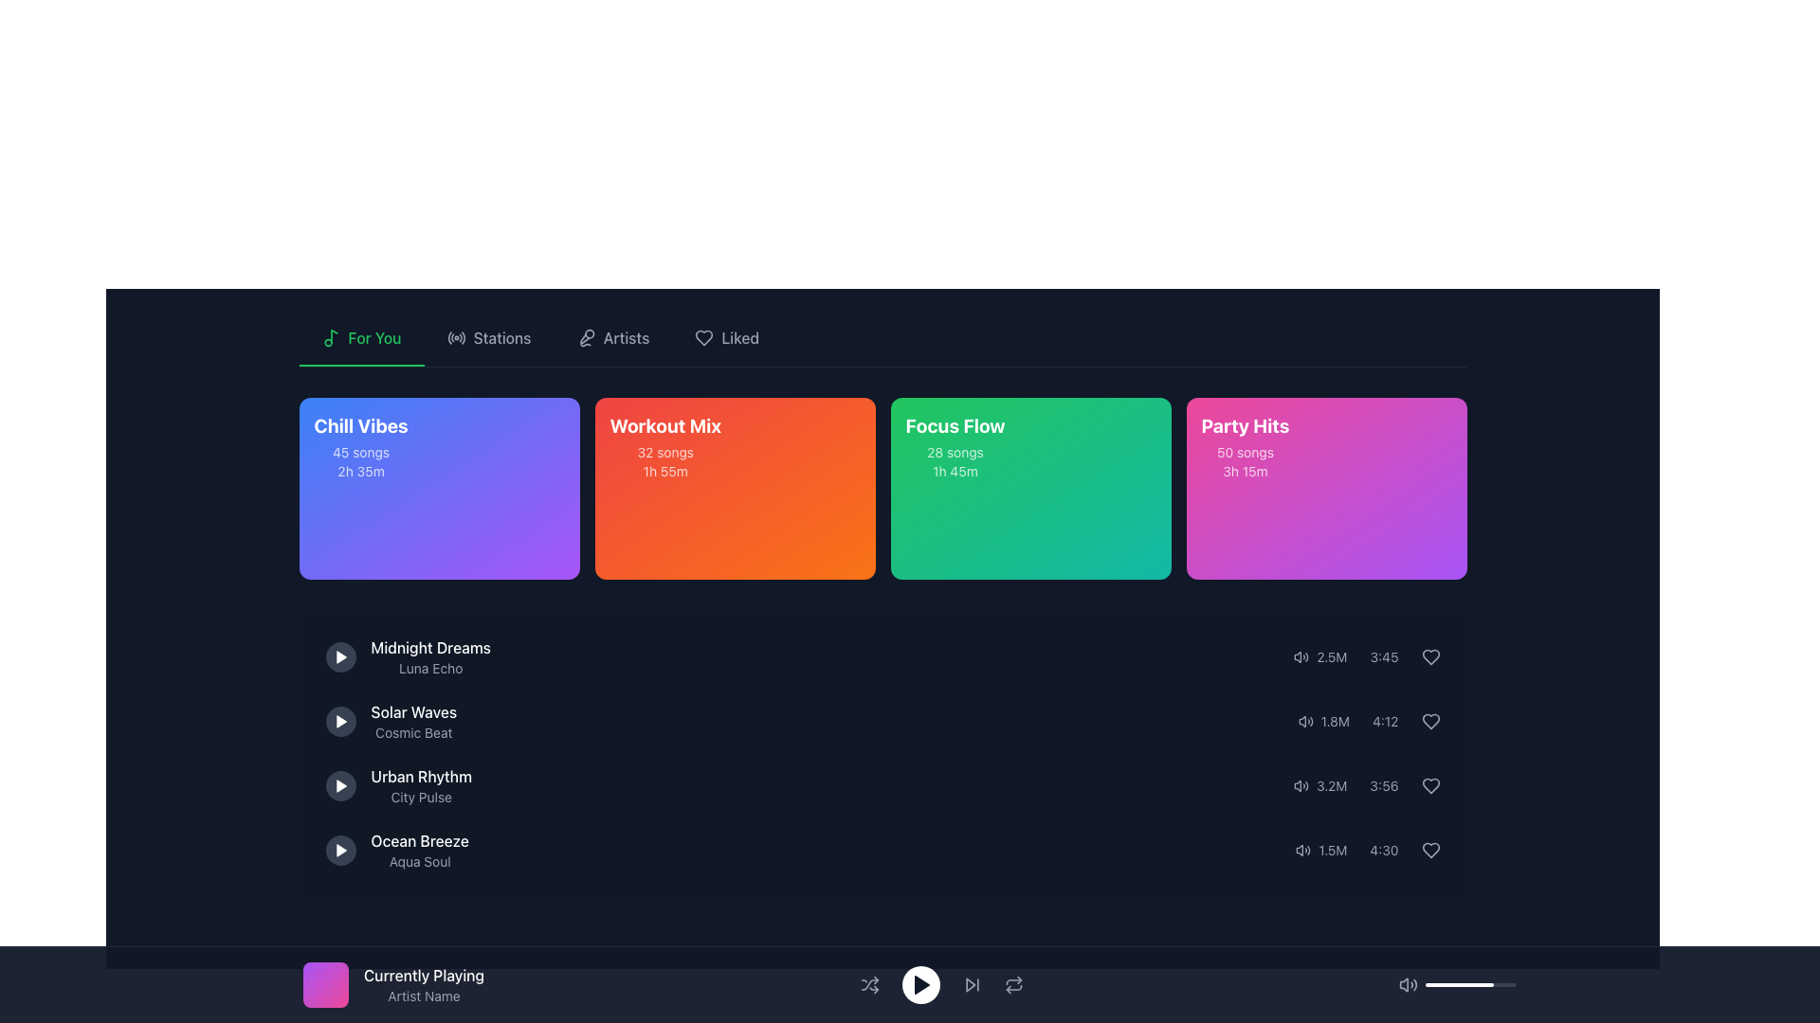 The width and height of the screenshot is (1820, 1023). Describe the element at coordinates (1447, 984) in the screenshot. I see `the volume` at that location.